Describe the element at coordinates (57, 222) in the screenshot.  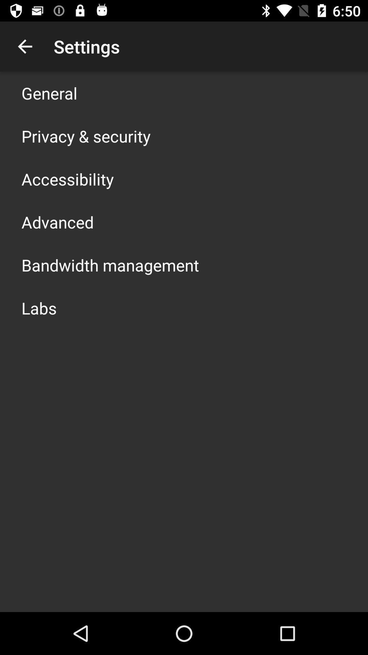
I see `app below accessibility item` at that location.